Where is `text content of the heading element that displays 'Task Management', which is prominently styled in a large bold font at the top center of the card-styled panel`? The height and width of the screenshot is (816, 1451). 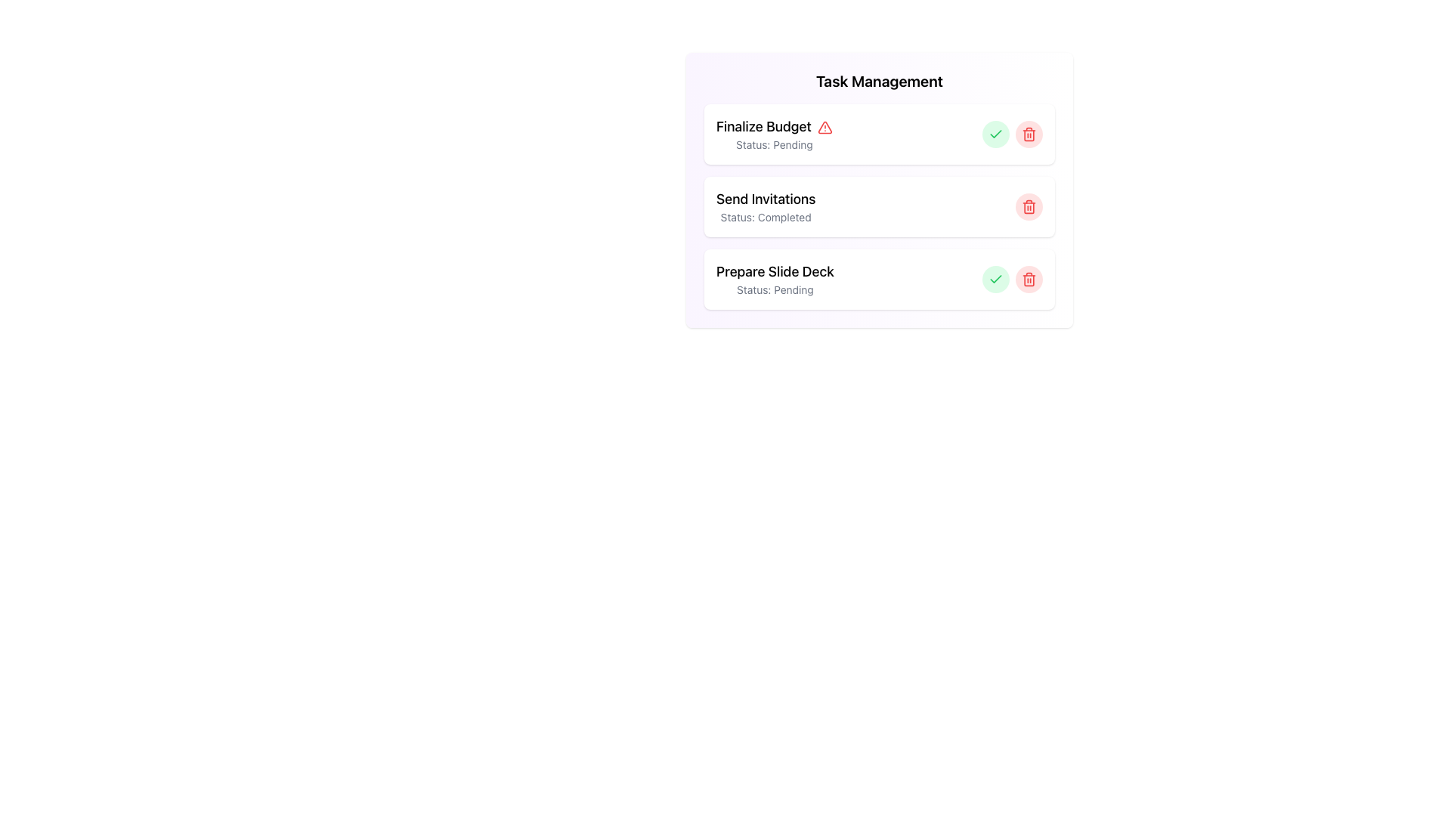 text content of the heading element that displays 'Task Management', which is prominently styled in a large bold font at the top center of the card-styled panel is located at coordinates (879, 82).